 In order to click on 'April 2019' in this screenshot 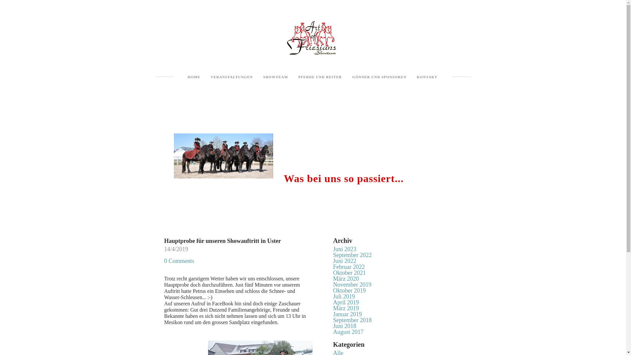, I will do `click(346, 302)`.